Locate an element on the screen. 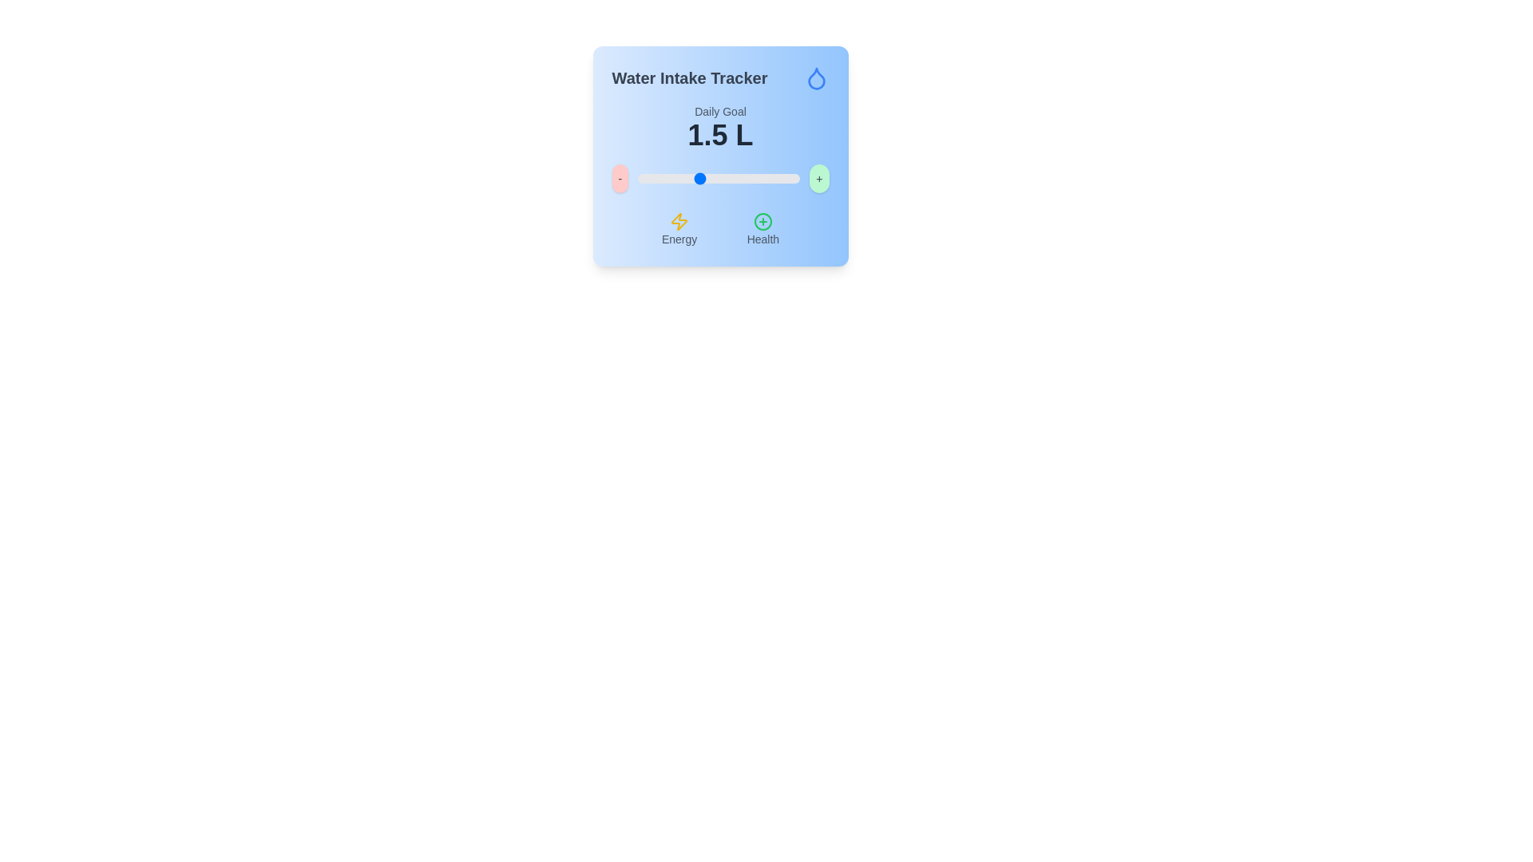 The image size is (1533, 862). the Iconographic button with a green border and plus sign labeled 'Health' located in the lower-right corner of the card interface is located at coordinates (762, 221).